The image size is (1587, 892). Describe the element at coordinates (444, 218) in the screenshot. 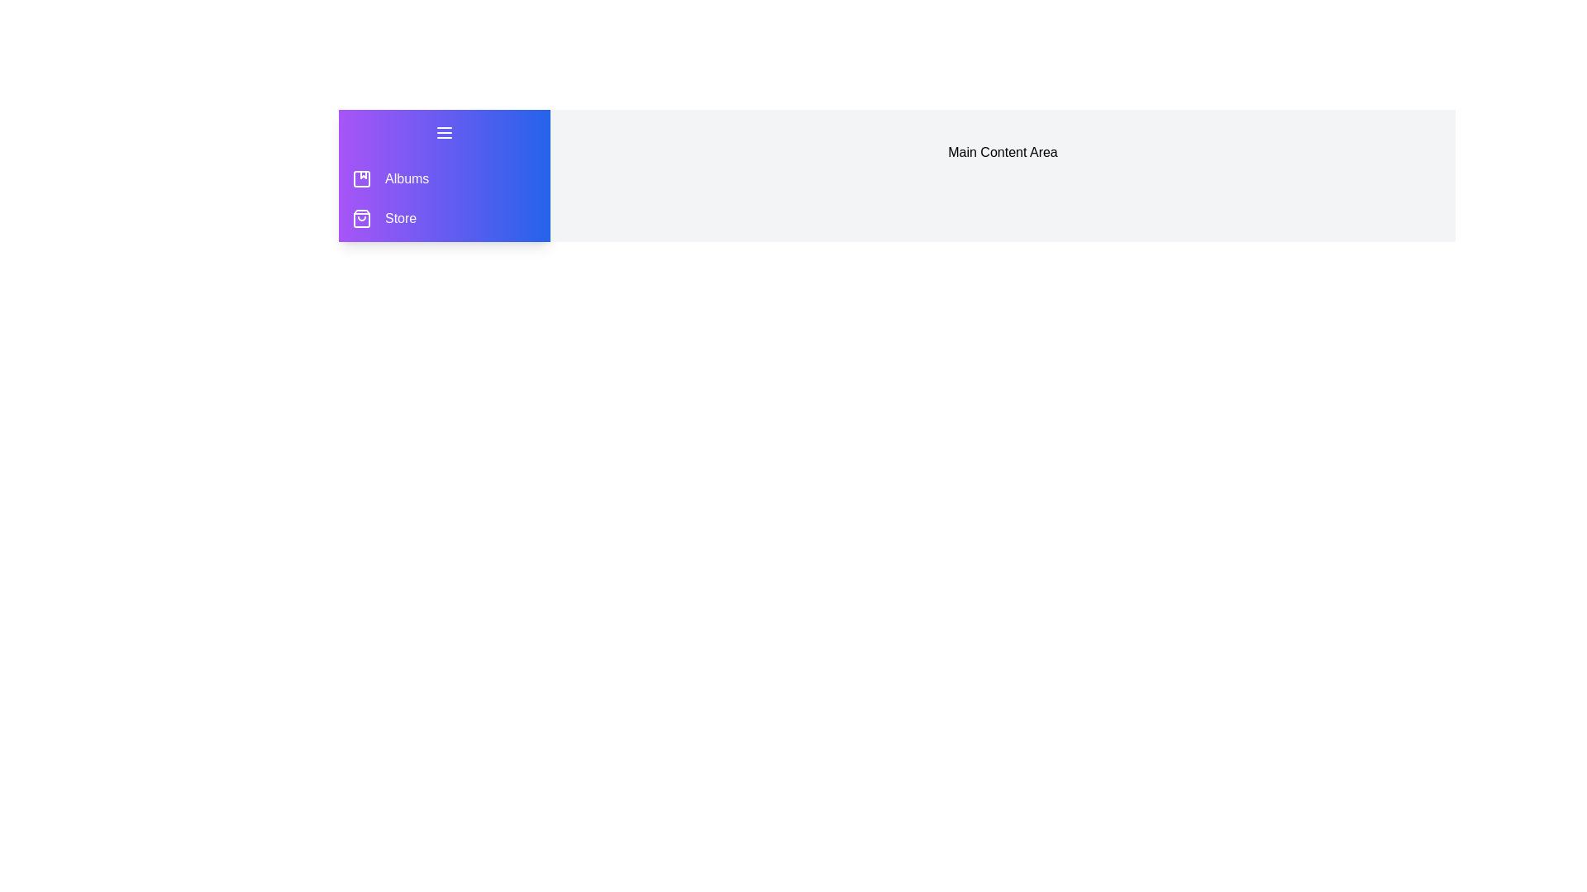

I see `the 'Store' item in the drawer` at that location.